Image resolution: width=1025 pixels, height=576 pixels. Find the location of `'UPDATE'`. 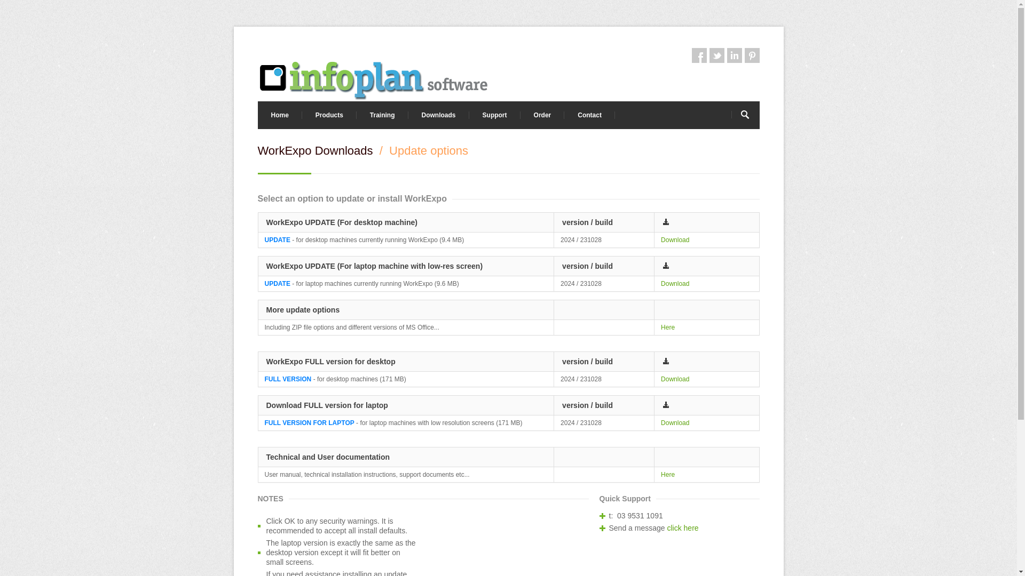

'UPDATE' is located at coordinates (277, 283).